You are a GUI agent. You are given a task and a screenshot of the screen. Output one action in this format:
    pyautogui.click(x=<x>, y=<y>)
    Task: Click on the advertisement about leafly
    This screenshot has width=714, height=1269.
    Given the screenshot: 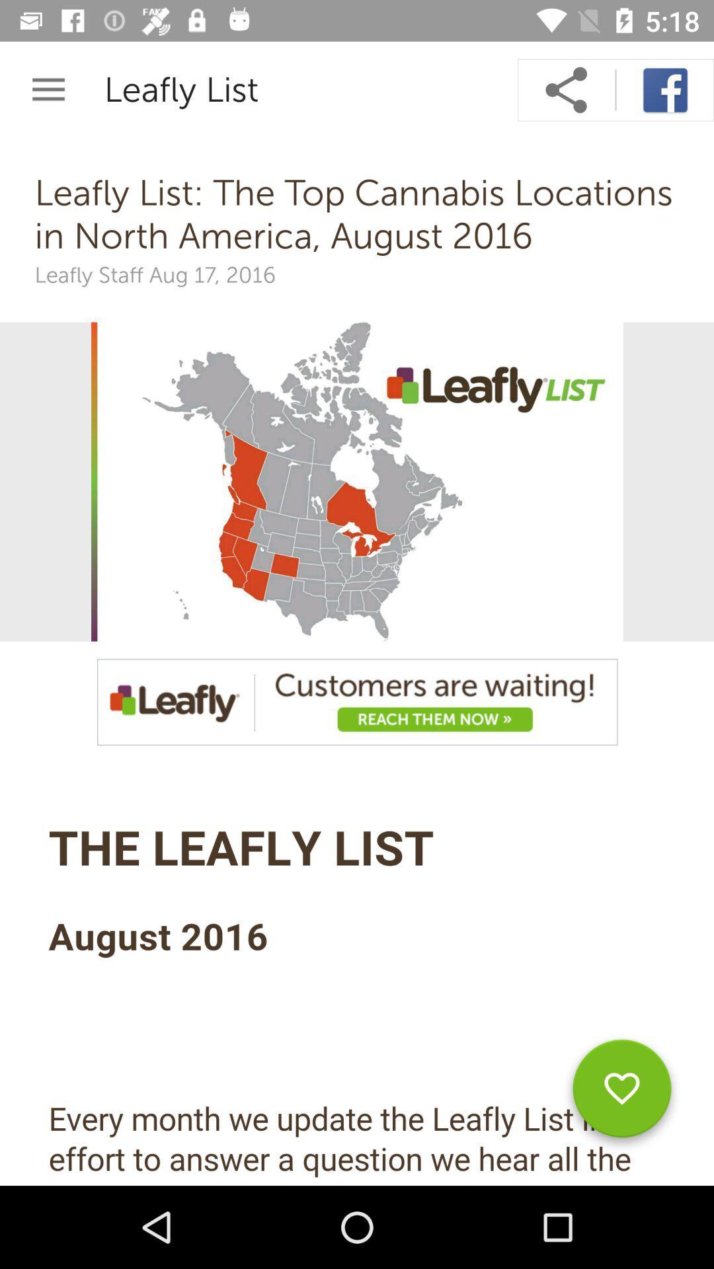 What is the action you would take?
    pyautogui.click(x=357, y=701)
    